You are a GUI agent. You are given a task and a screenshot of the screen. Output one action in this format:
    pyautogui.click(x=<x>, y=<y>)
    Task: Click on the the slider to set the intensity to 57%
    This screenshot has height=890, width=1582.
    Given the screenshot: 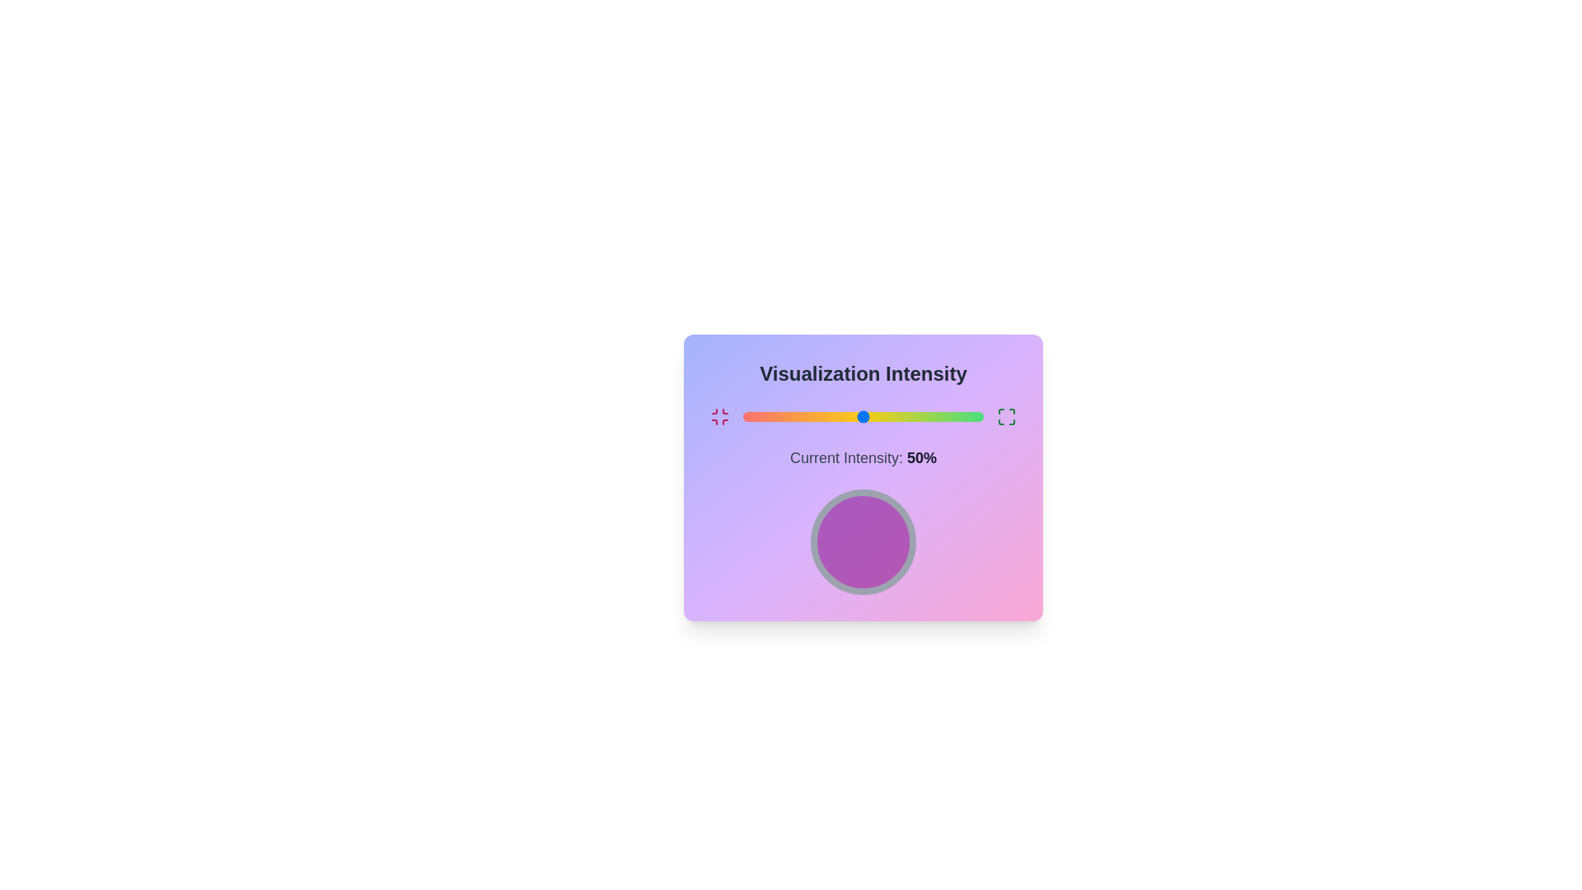 What is the action you would take?
    pyautogui.click(x=879, y=415)
    